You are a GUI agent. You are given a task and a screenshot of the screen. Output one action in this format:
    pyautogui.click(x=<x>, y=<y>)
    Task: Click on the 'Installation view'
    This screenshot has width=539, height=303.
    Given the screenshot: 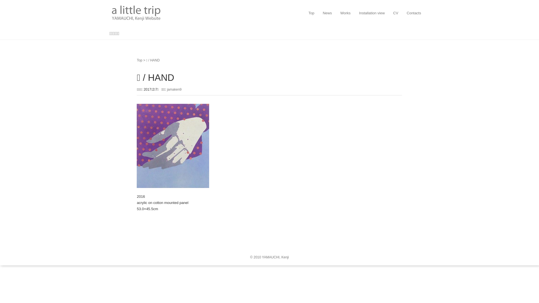 What is the action you would take?
    pyautogui.click(x=372, y=13)
    